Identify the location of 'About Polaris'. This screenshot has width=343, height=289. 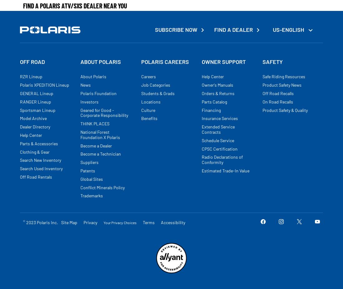
(93, 76).